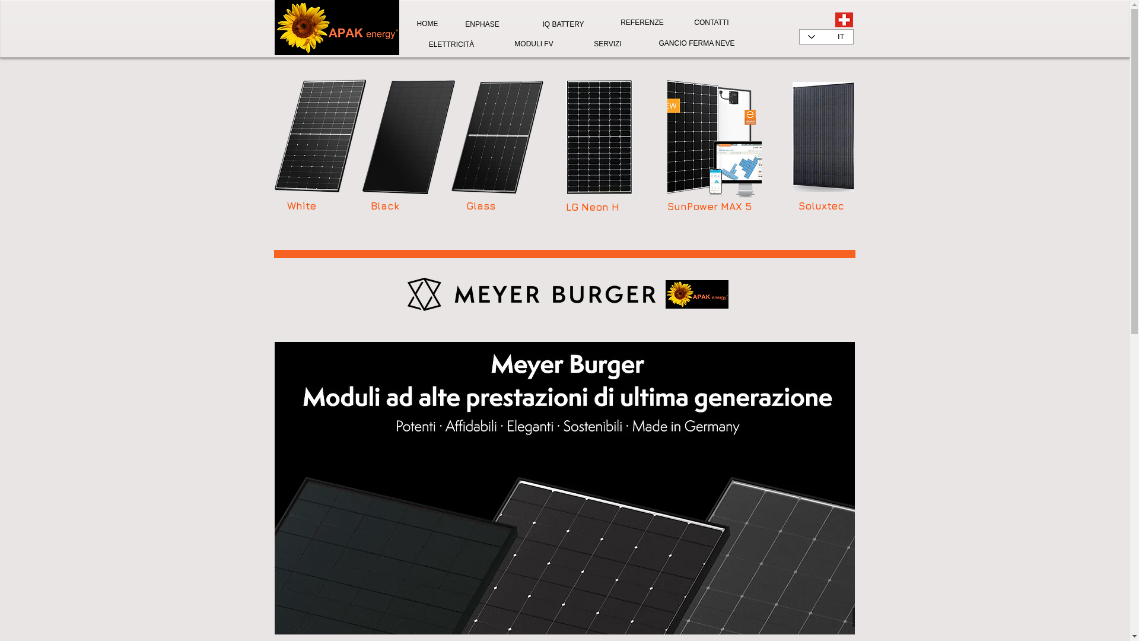 This screenshot has height=641, width=1139. I want to click on 'SERVIZI', so click(589, 43).